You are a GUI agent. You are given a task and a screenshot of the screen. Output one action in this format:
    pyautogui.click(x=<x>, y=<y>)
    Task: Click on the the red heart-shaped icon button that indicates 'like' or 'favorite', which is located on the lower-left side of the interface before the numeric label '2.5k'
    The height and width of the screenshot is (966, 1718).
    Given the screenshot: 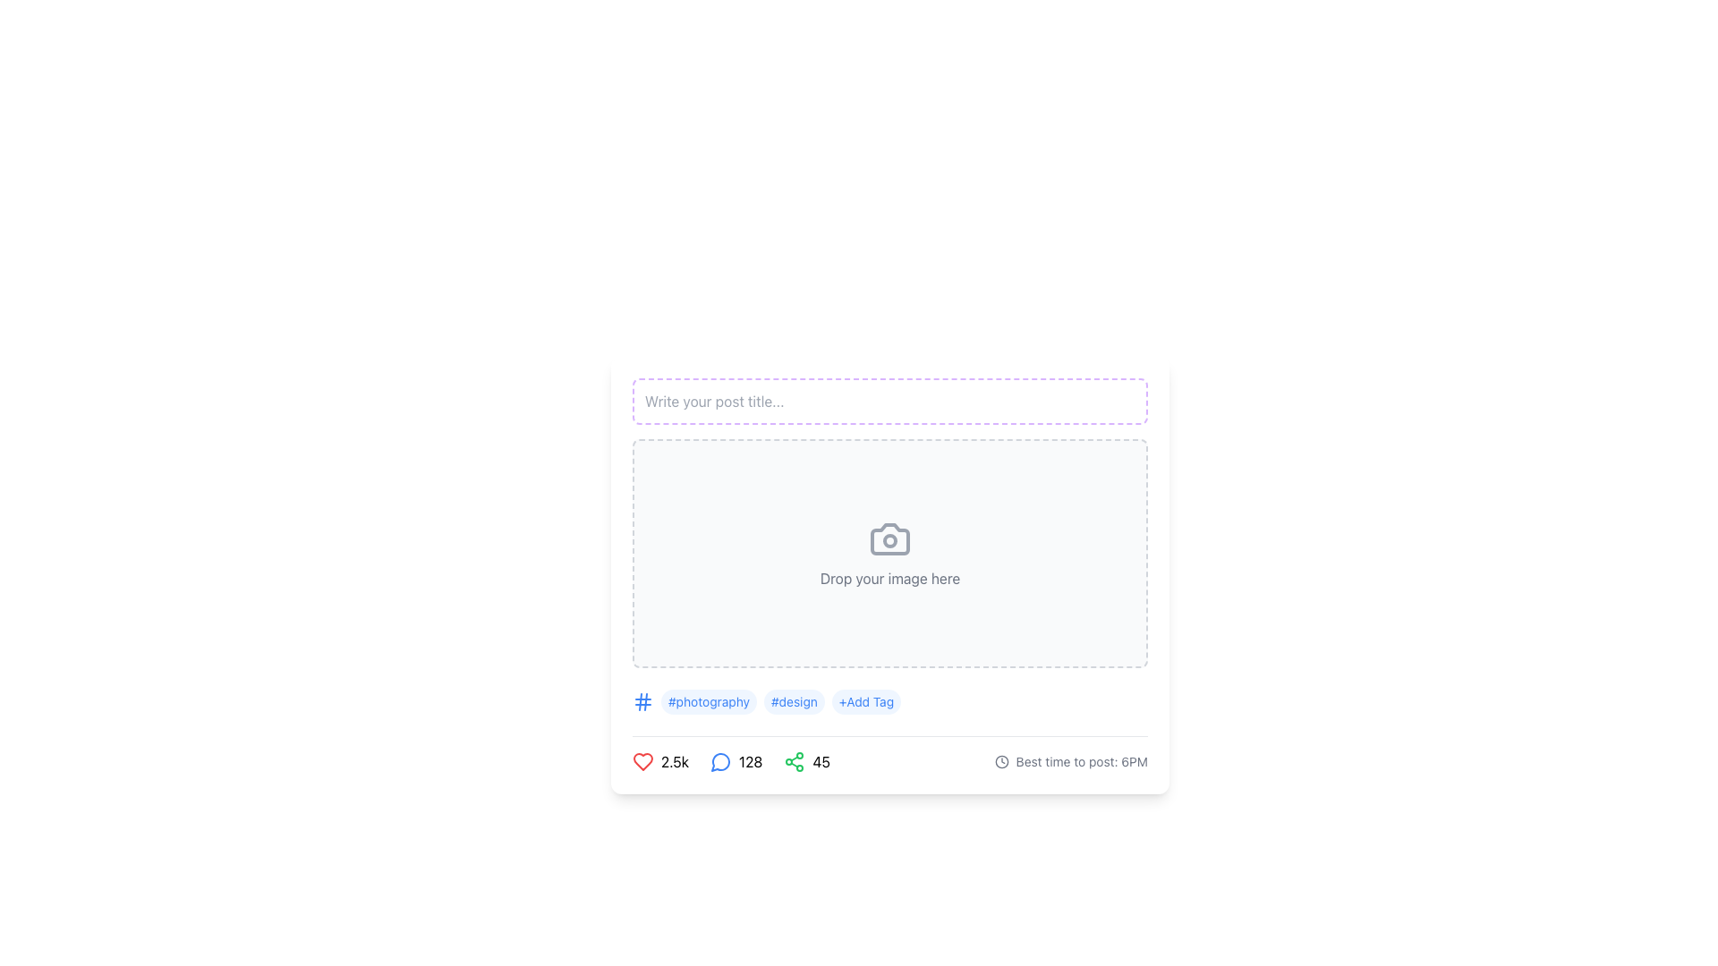 What is the action you would take?
    pyautogui.click(x=643, y=762)
    